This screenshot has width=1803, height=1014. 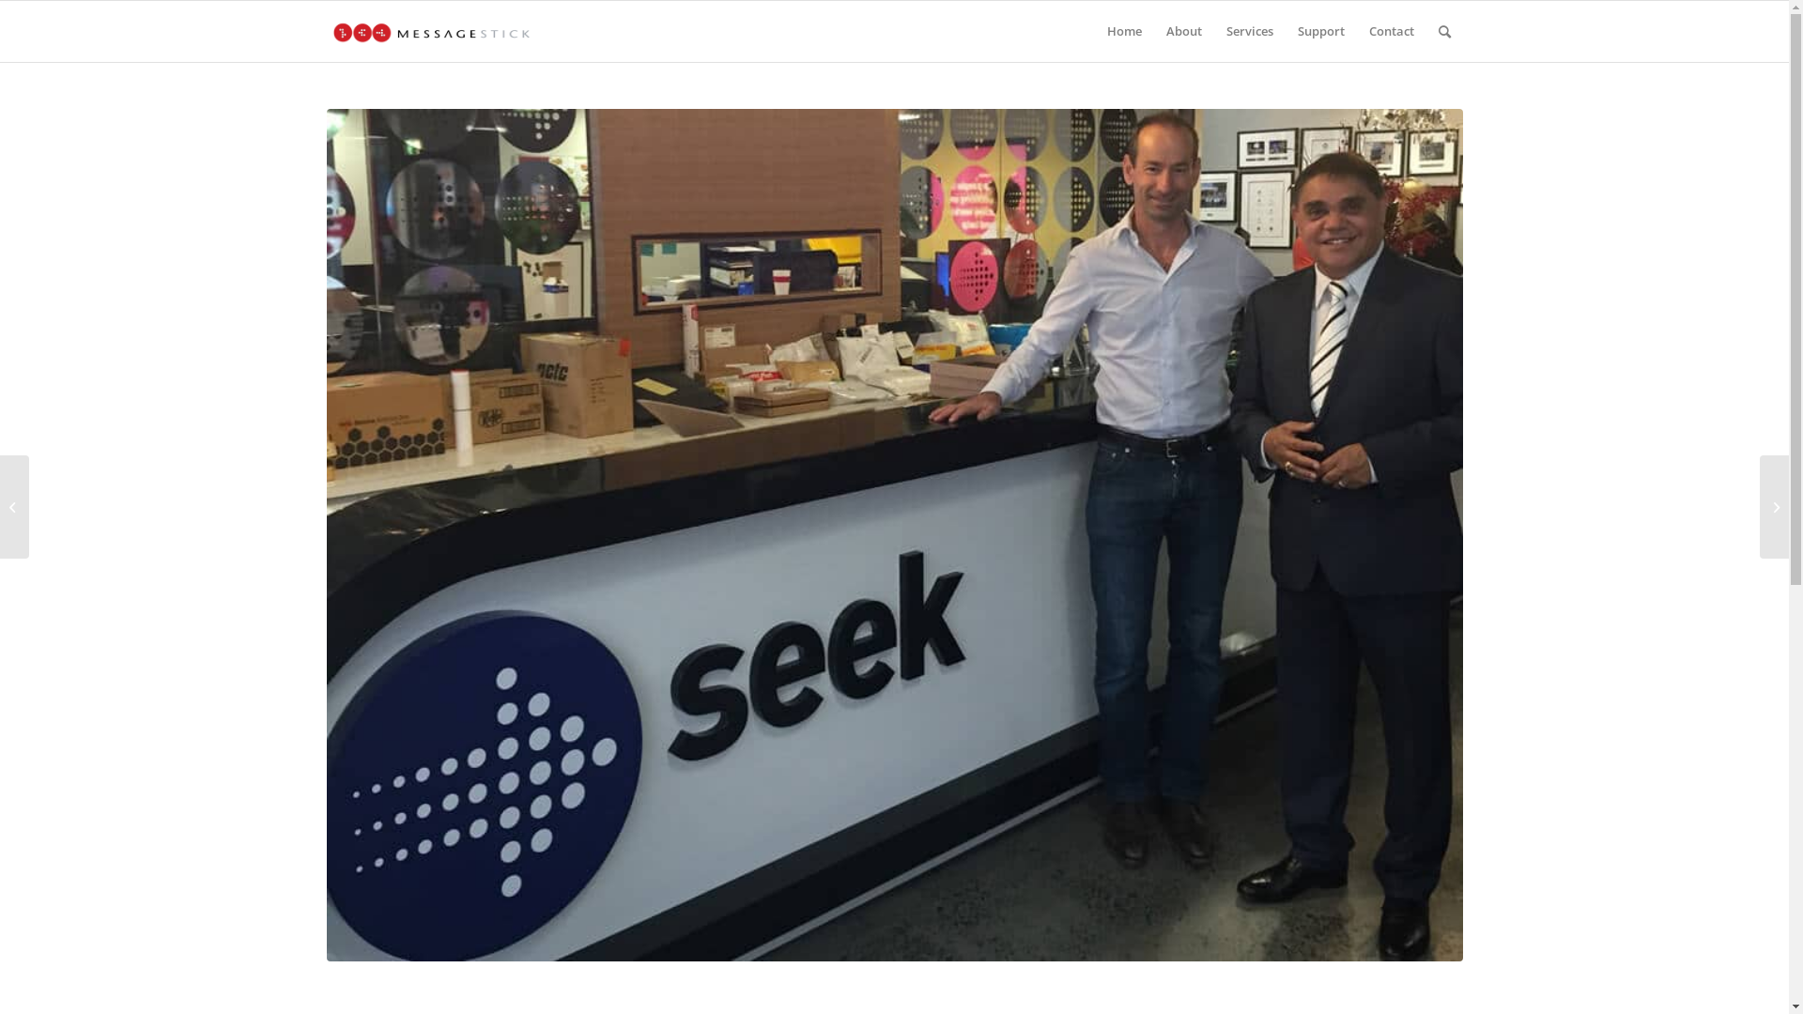 What do you see at coordinates (1124, 31) in the screenshot?
I see `'Home'` at bounding box center [1124, 31].